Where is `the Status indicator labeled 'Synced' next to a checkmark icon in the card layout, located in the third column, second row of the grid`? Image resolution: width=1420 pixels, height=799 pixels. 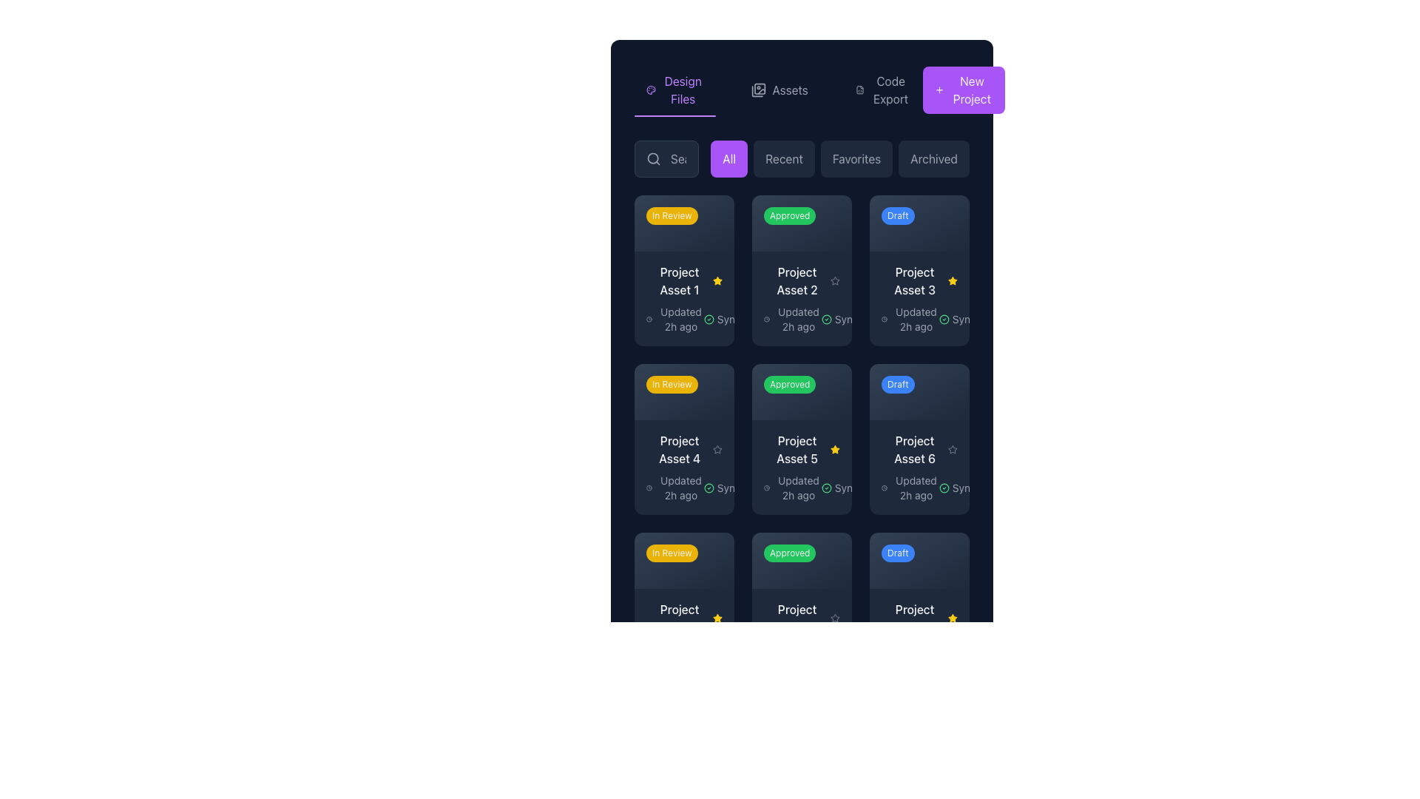
the Status indicator labeled 'Synced' next to a checkmark icon in the card layout, located in the third column, second row of the grid is located at coordinates (963, 318).